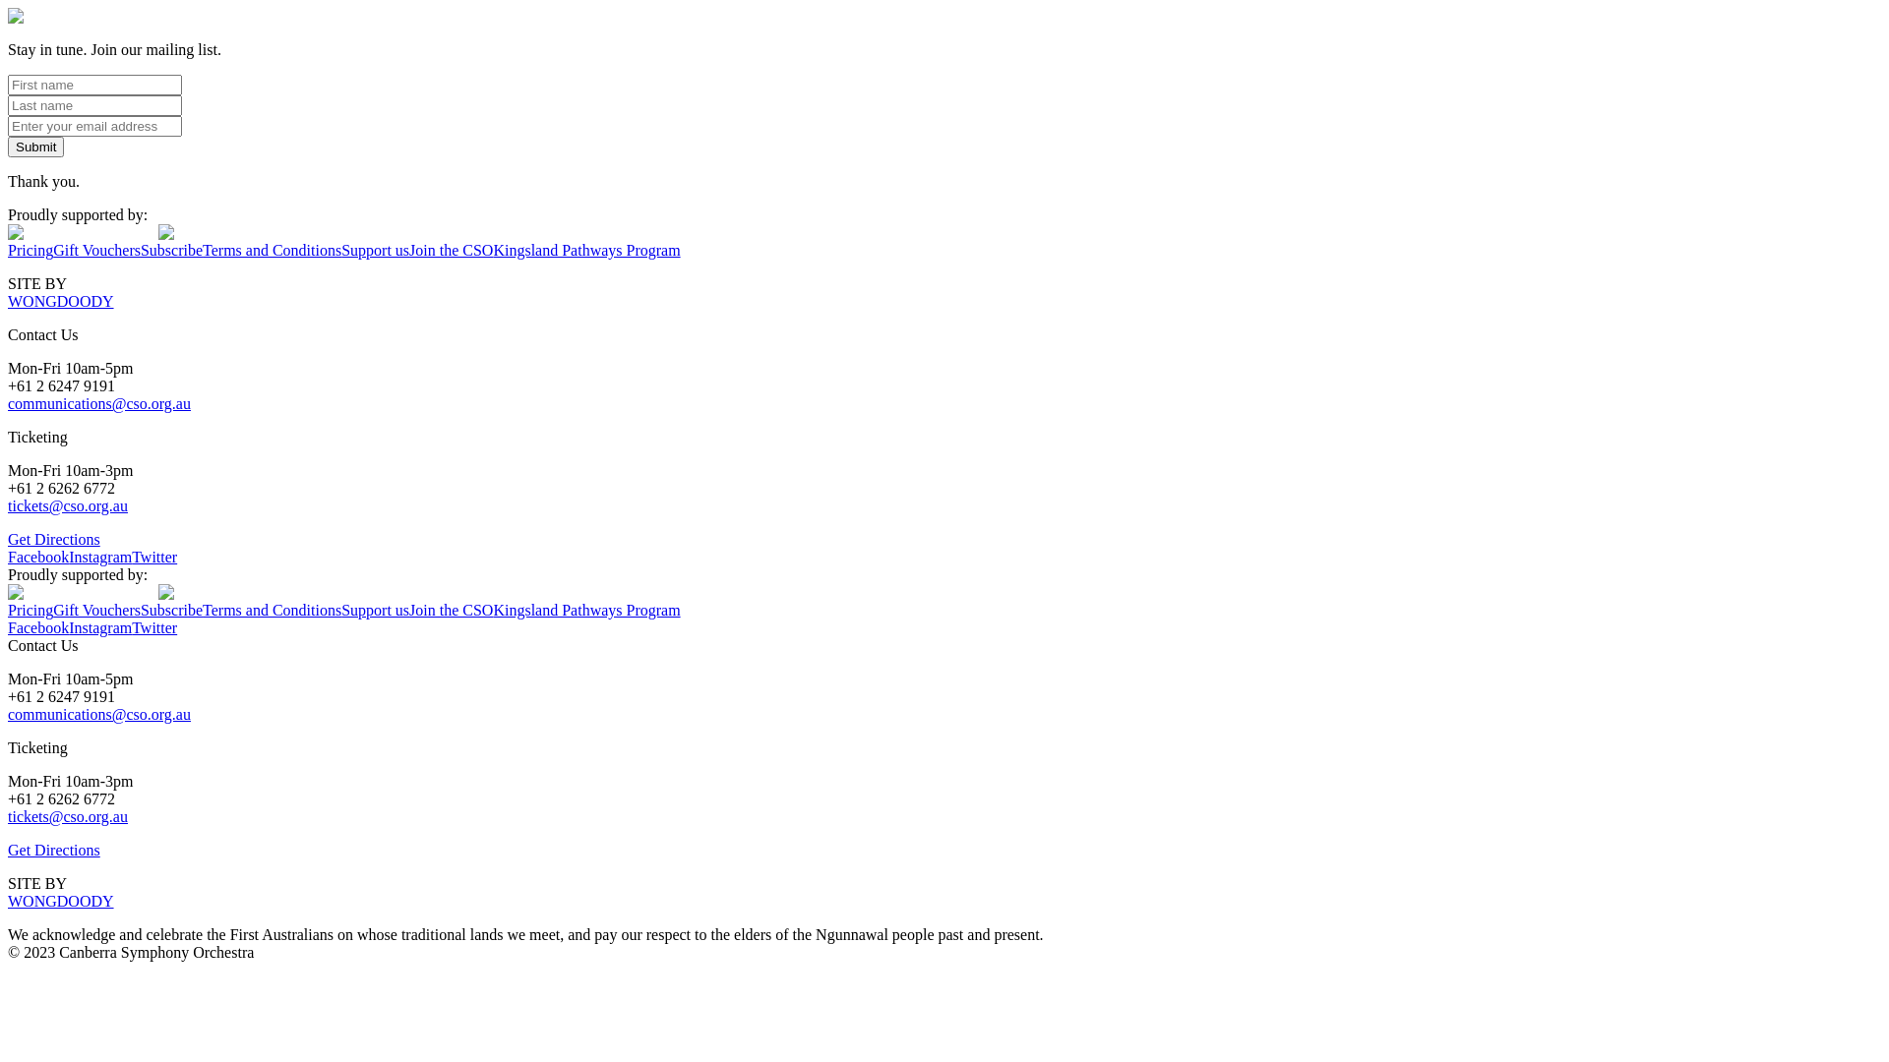 The height and width of the screenshot is (1062, 1889). I want to click on 'Terms and Conditions', so click(271, 609).